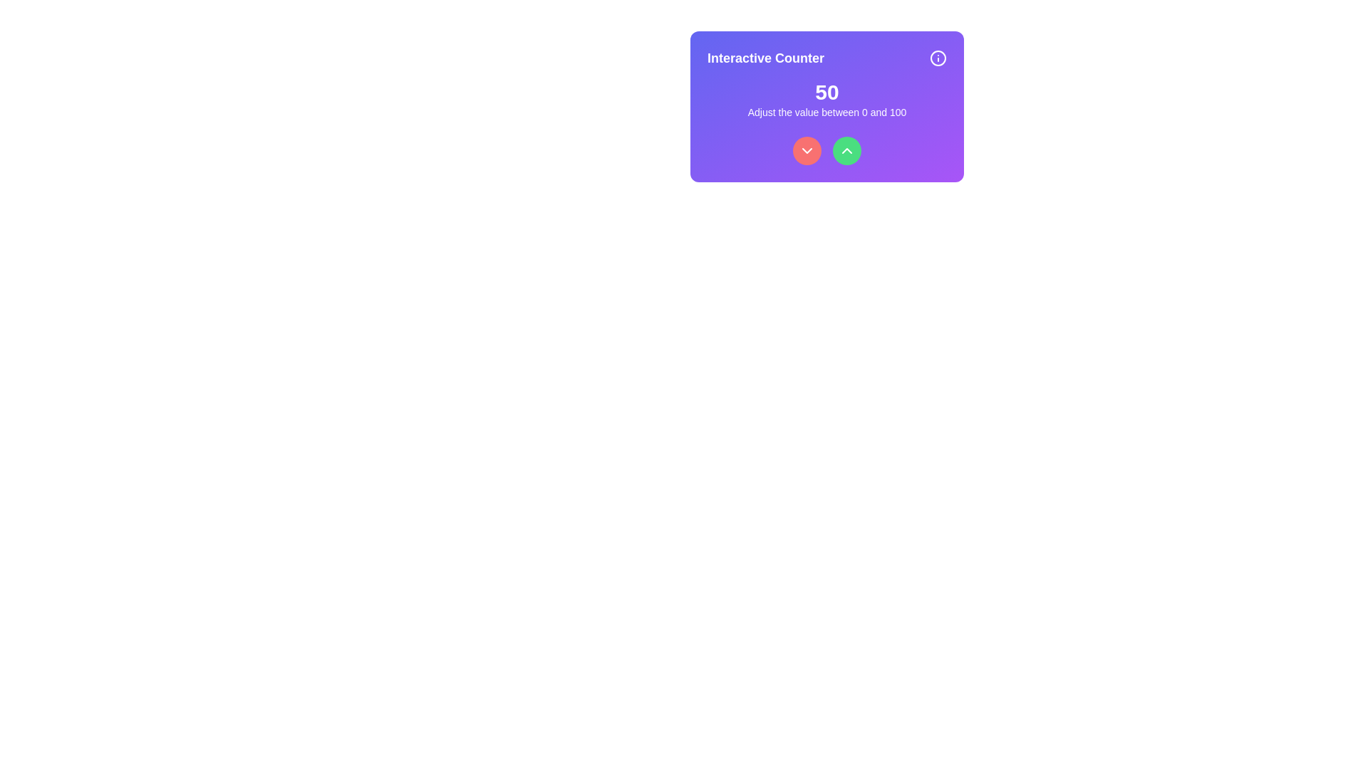 Image resolution: width=1368 pixels, height=769 pixels. Describe the element at coordinates (827, 98) in the screenshot. I see `descriptive text located in the display panel for the counter, which shows the number '50' and guidance on the adjustable range` at that location.